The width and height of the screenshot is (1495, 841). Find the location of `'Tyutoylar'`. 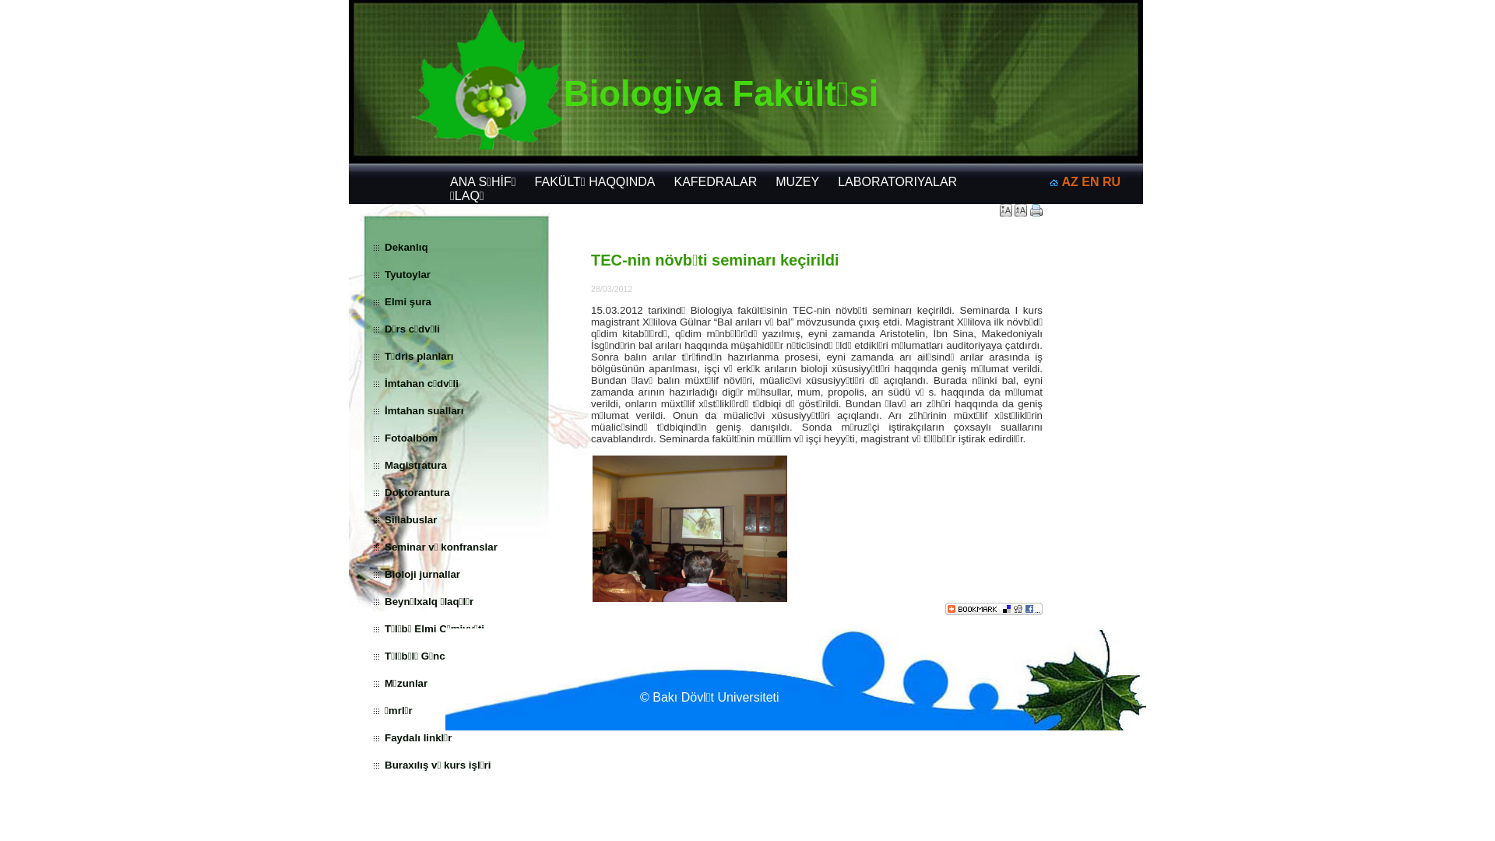

'Tyutoylar' is located at coordinates (407, 273).